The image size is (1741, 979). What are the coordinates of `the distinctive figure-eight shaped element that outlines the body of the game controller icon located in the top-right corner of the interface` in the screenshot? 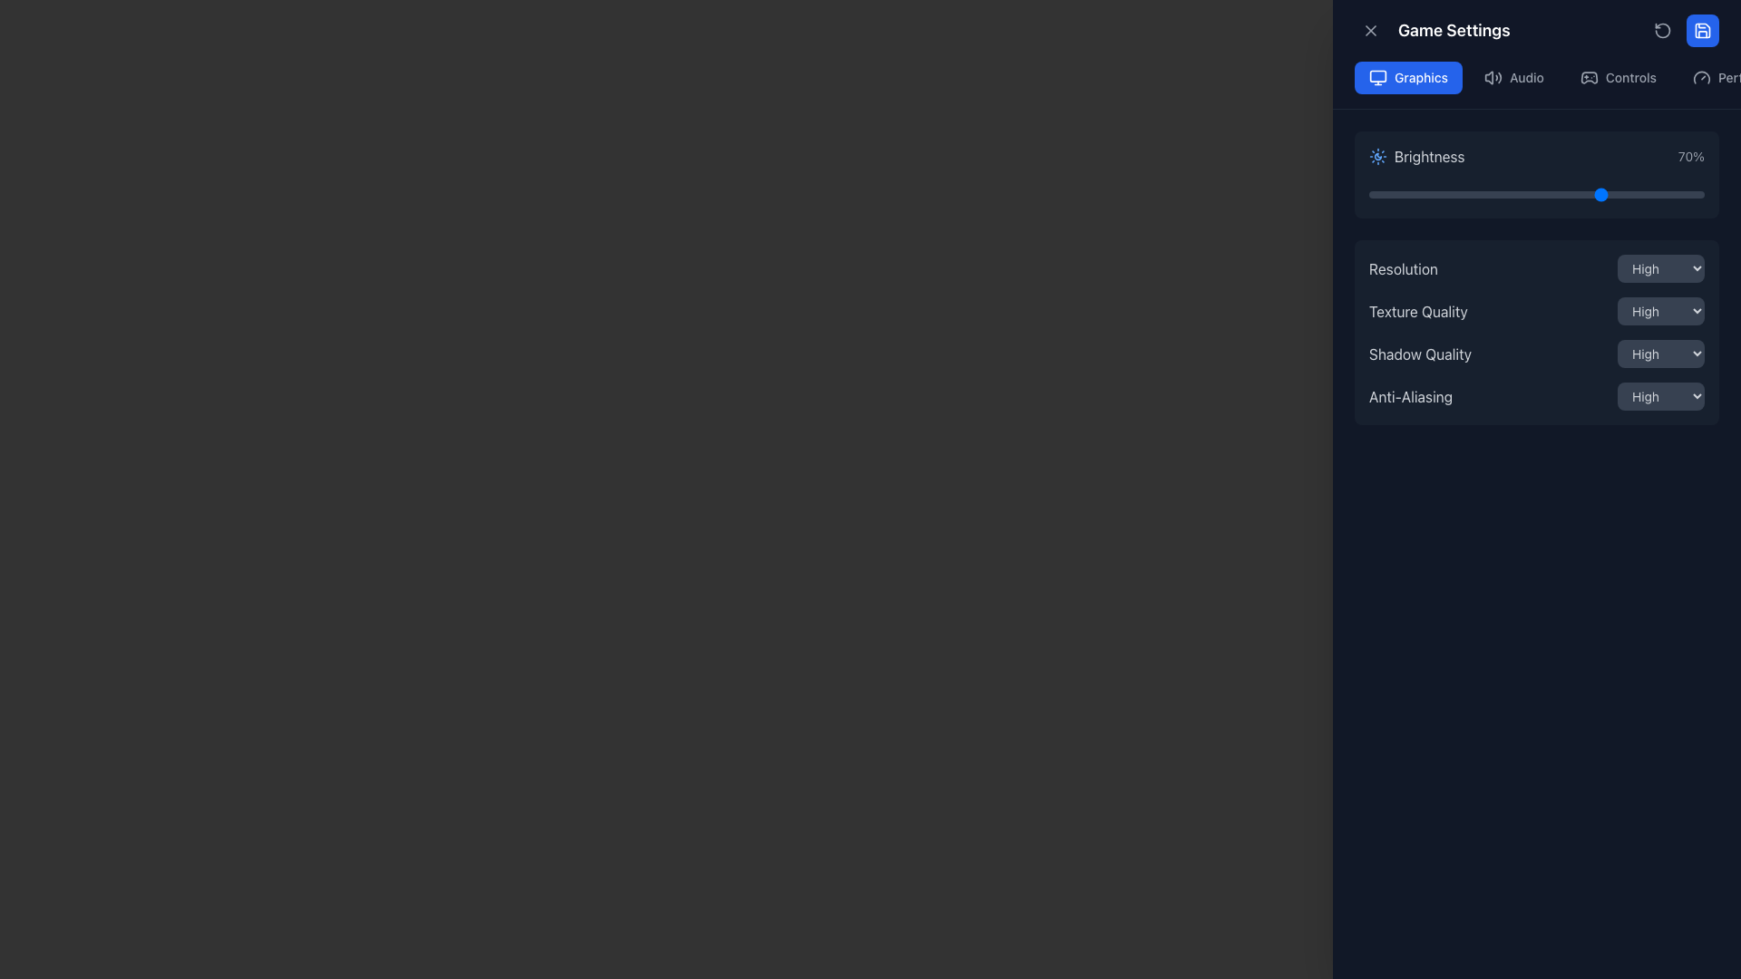 It's located at (1588, 76).